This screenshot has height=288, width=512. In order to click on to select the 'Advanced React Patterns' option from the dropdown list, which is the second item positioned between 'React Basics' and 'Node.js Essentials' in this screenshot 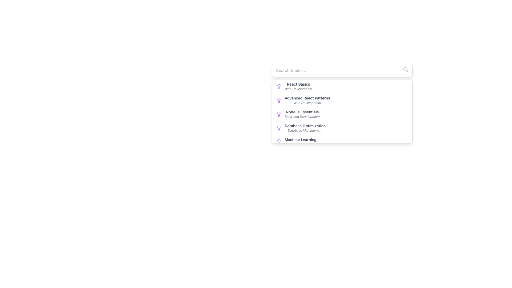, I will do `click(342, 100)`.